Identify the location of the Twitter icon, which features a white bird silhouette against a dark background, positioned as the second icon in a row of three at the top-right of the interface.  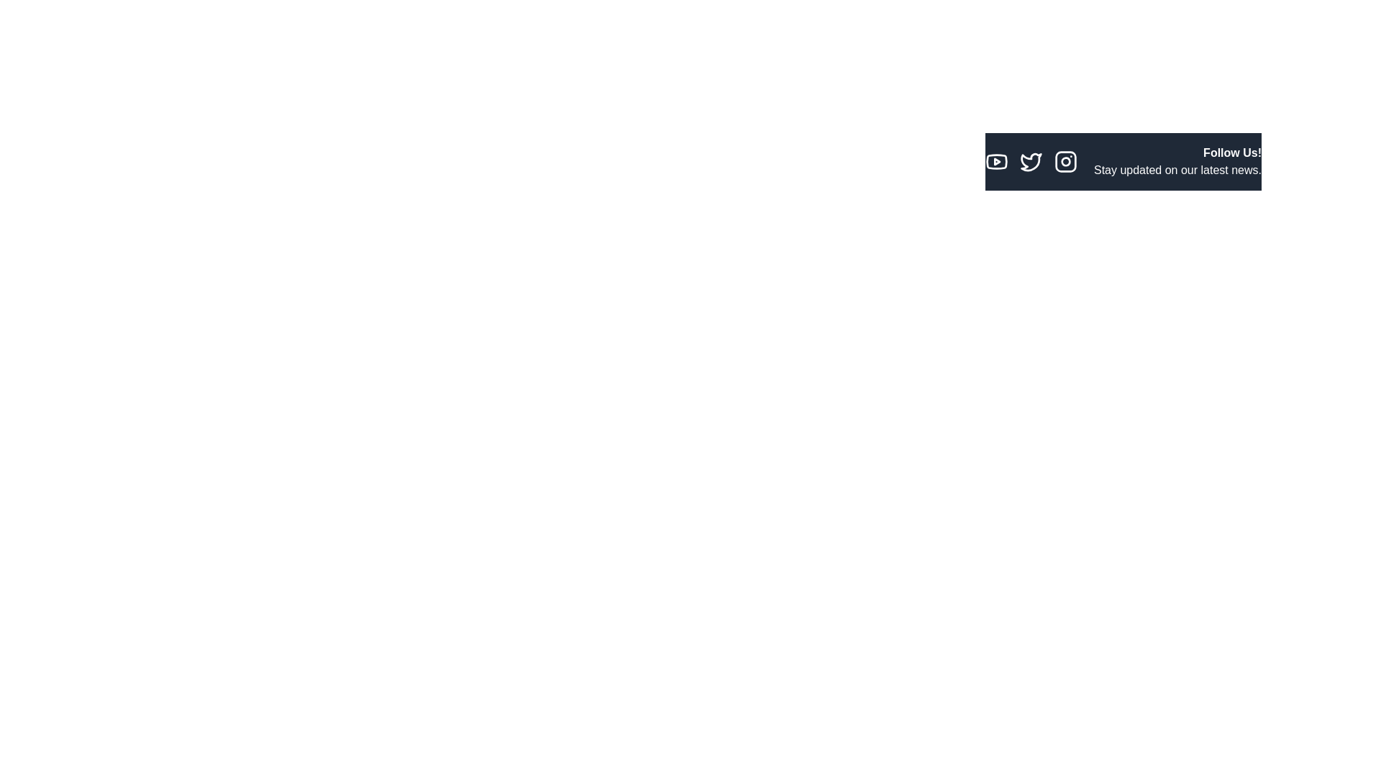
(1031, 161).